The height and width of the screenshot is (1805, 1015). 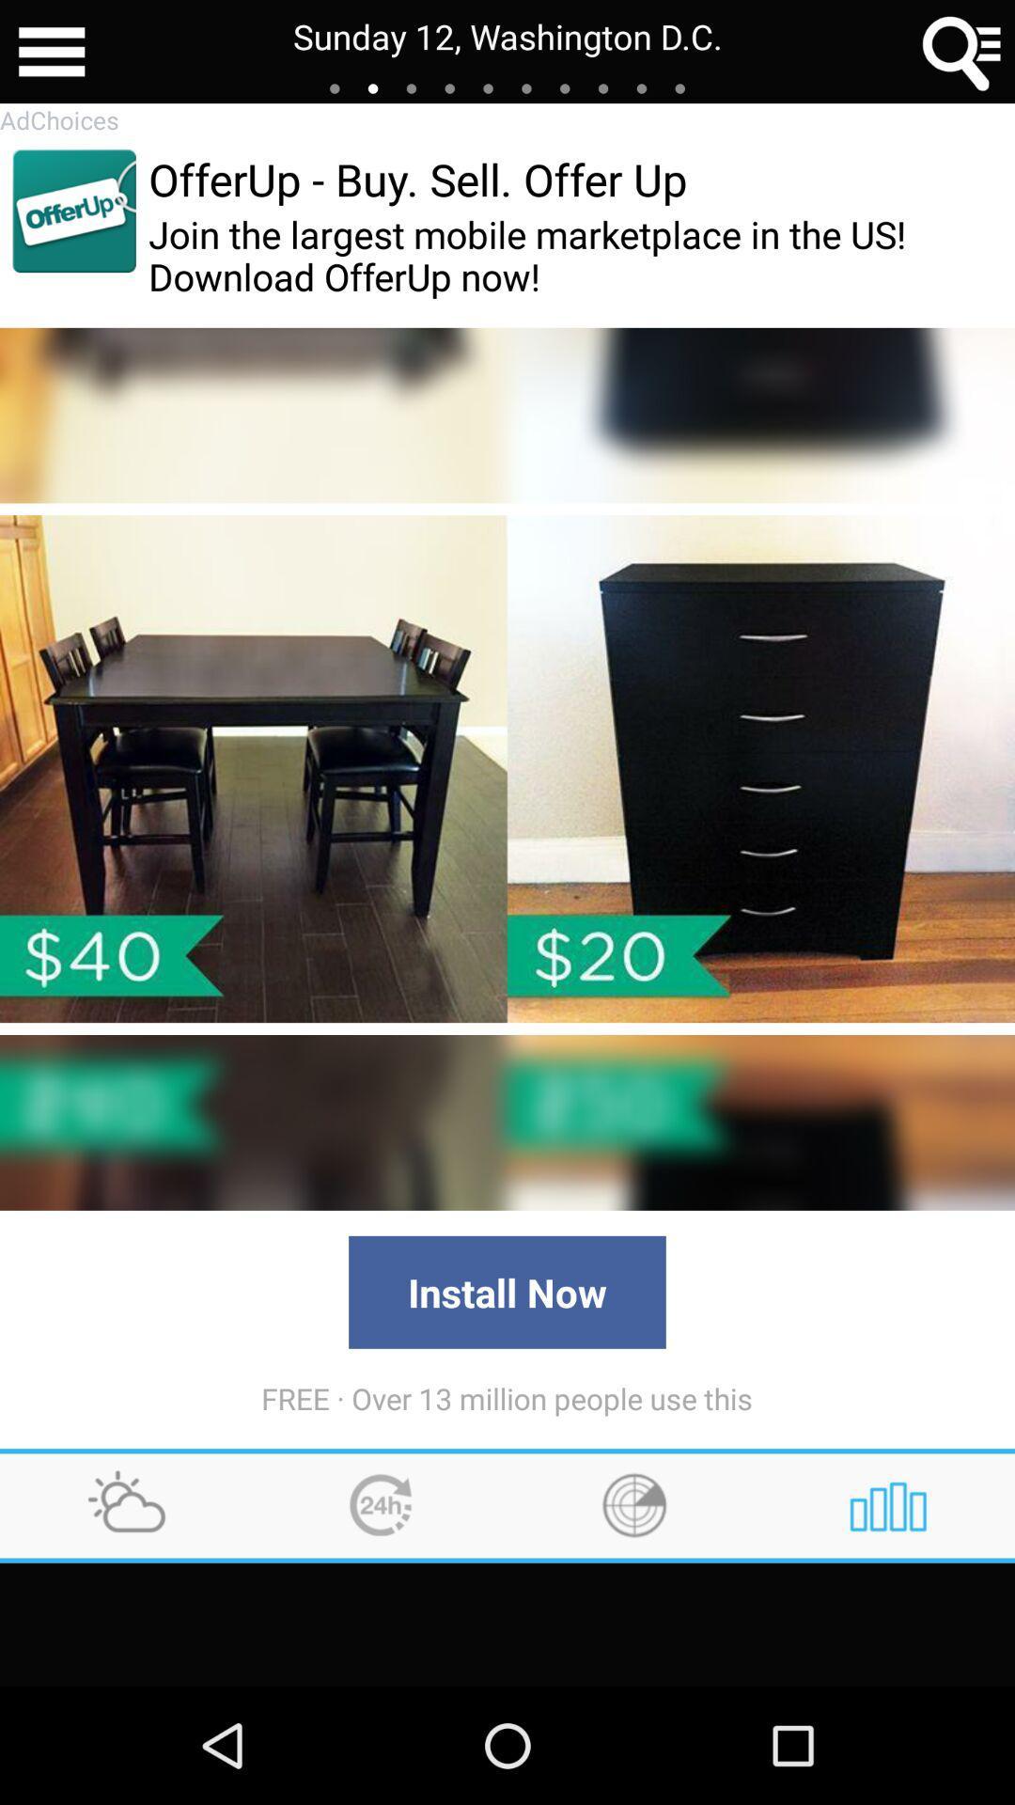 What do you see at coordinates (962, 55) in the screenshot?
I see `the search icon` at bounding box center [962, 55].